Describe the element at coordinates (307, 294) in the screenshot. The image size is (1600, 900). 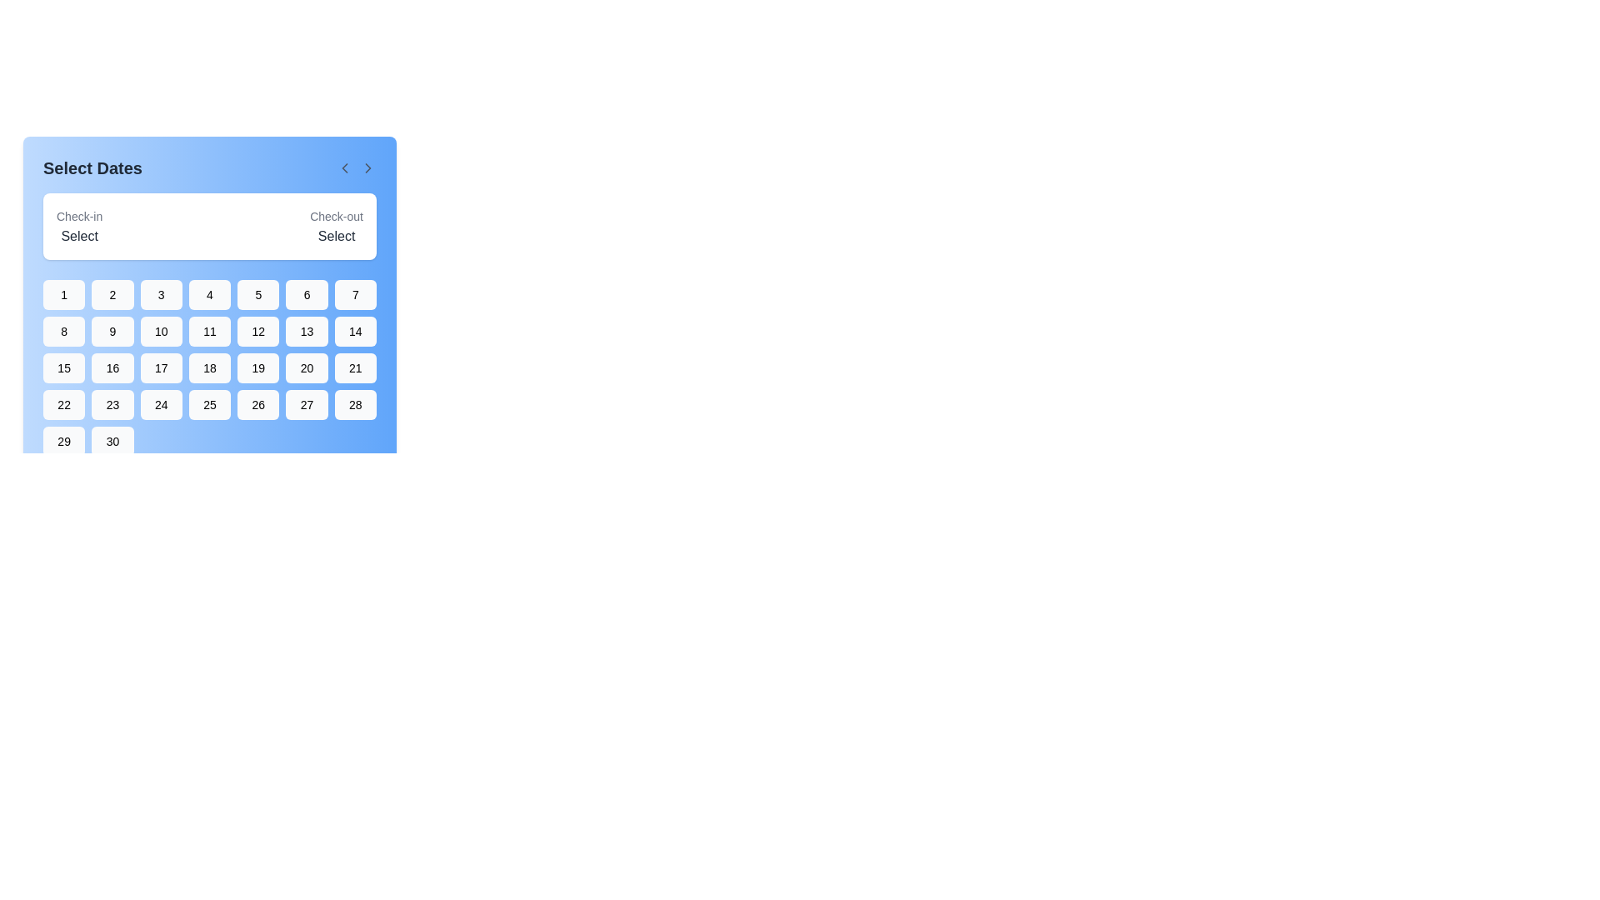
I see `the button representing the 6th day in the calendar view` at that location.